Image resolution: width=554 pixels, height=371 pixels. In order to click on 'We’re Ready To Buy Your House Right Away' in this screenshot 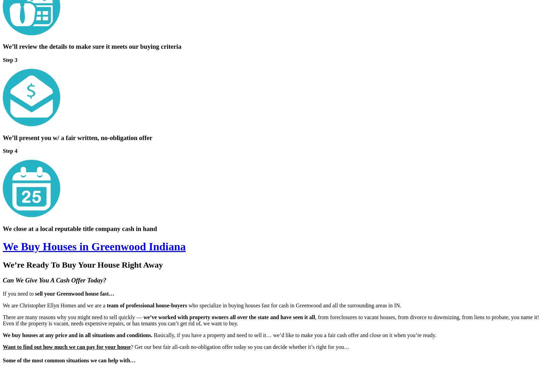, I will do `click(83, 264)`.